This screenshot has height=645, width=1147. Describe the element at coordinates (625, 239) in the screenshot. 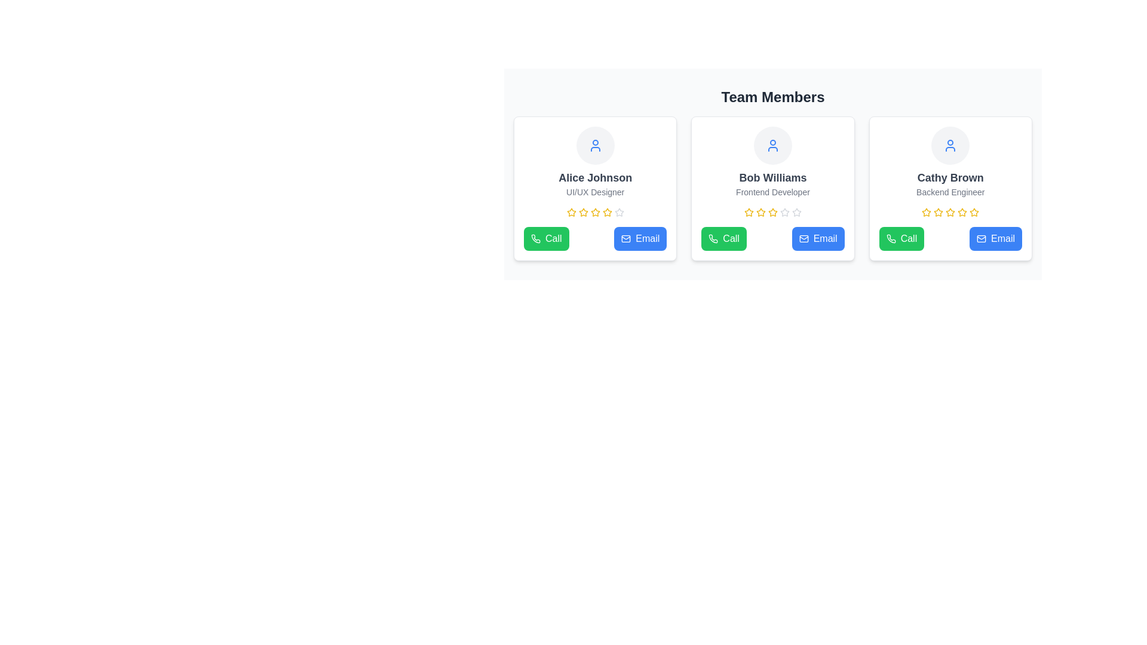

I see `the small blue envelope icon on the left side of the 'Email' button at the bottom of Alice Johnson's card` at that location.